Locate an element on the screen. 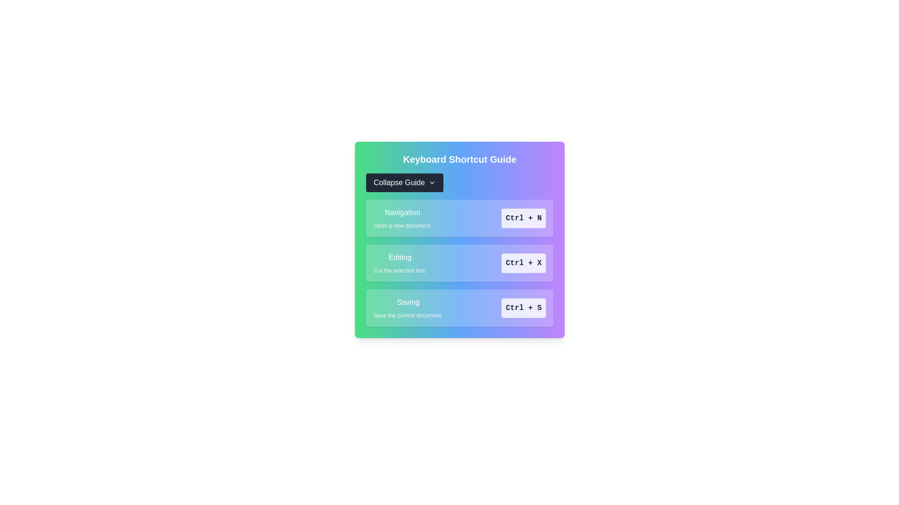 This screenshot has height=505, width=899. the Information panel that describes the 'Cut' keyboard shortcut, positioned between 'Navigation' and 'Saving' in the guide panel is located at coordinates (460, 263).